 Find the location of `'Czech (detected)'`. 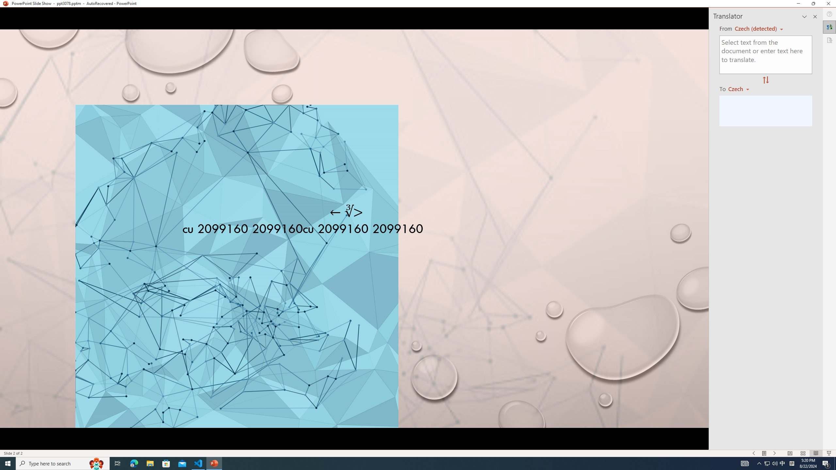

'Czech (detected)' is located at coordinates (756, 29).